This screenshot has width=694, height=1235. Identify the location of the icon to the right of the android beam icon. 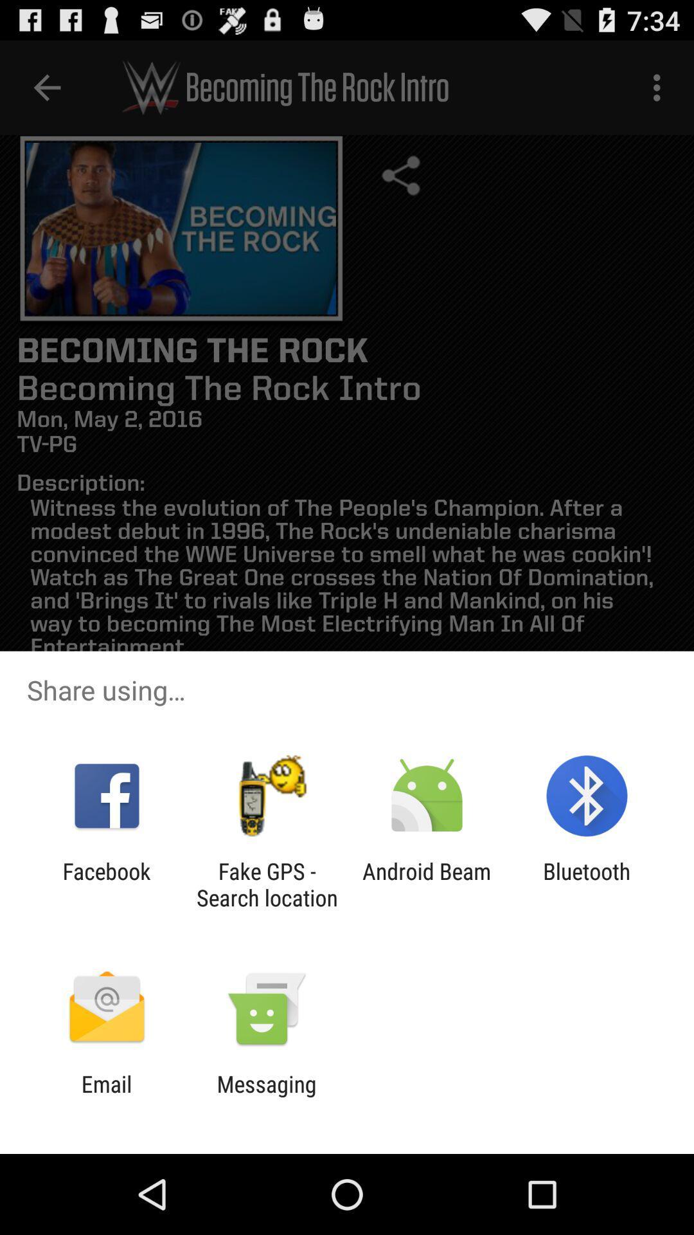
(587, 884).